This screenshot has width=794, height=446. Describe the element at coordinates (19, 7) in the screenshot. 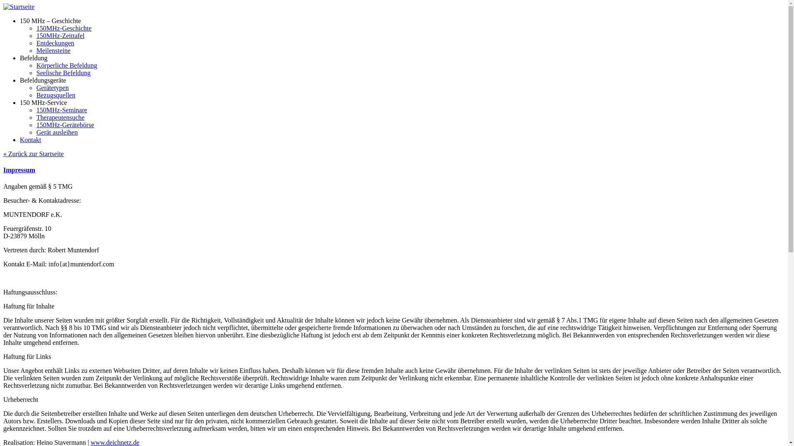

I see `'Startseite'` at that location.